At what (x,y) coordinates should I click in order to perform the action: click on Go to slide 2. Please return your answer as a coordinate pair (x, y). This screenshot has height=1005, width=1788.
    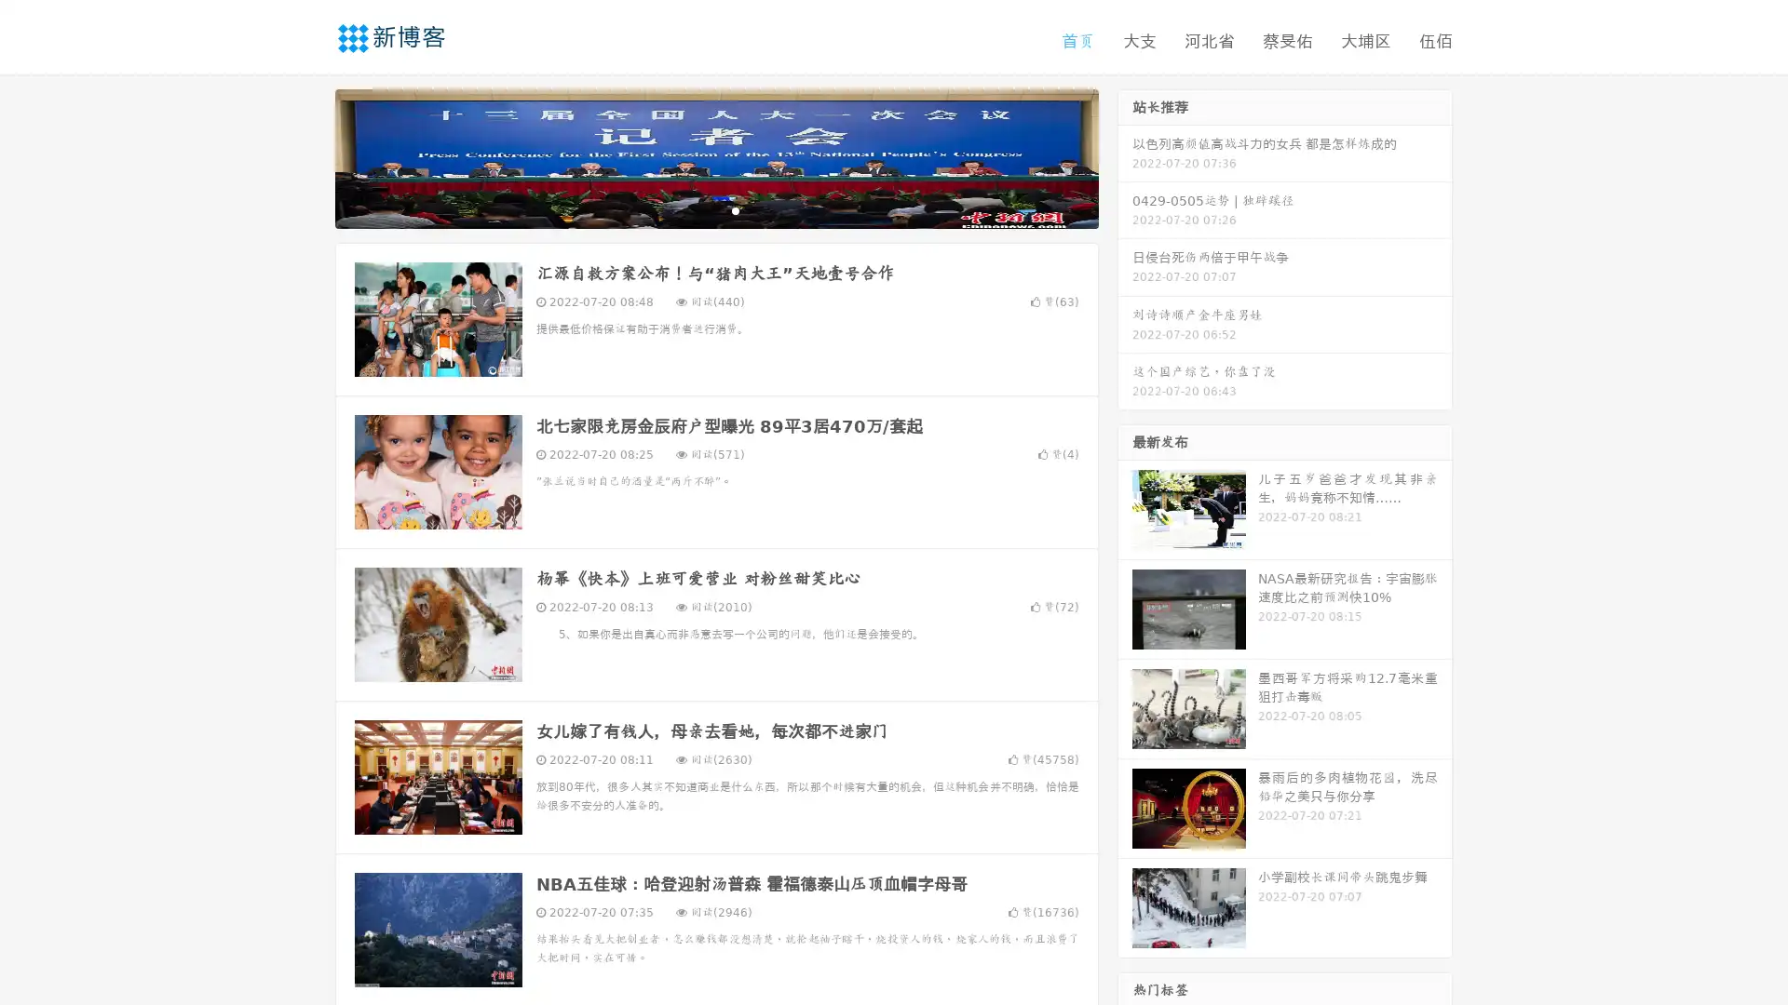
    Looking at the image, I should click on (715, 209).